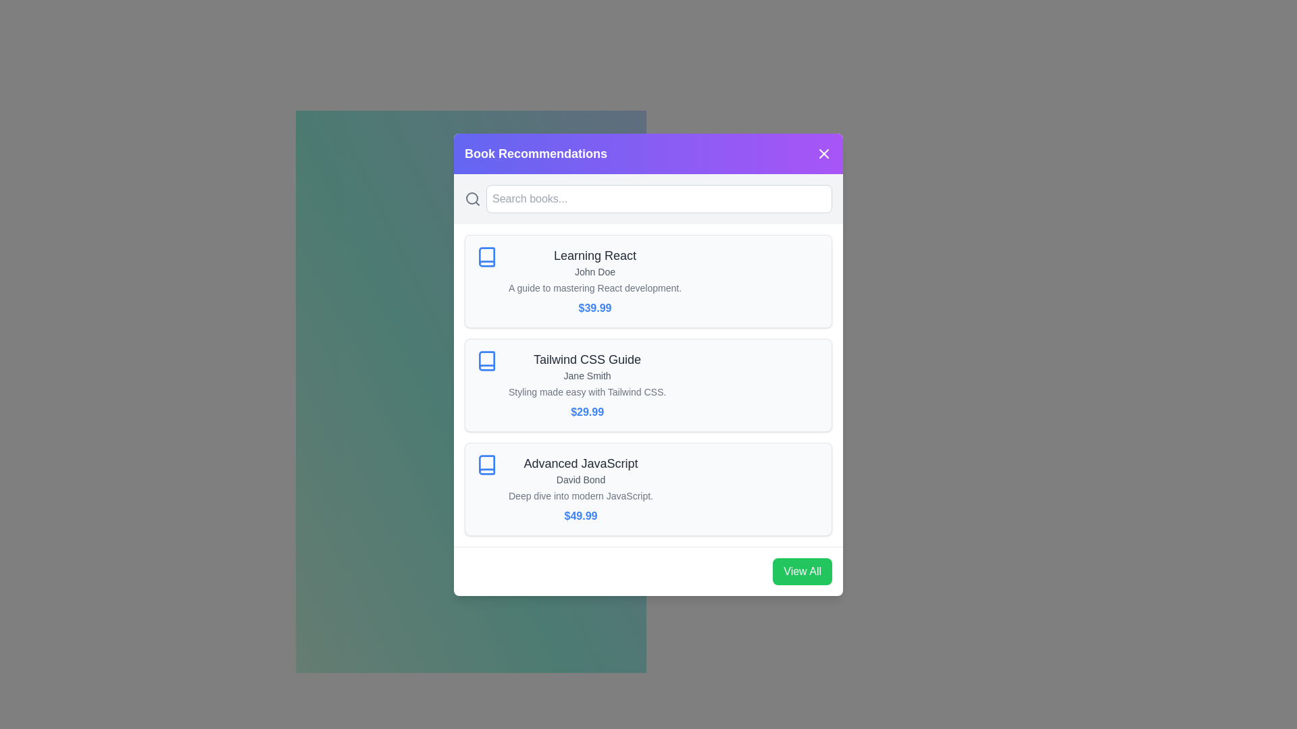  I want to click on the text label that describes the book titled 'Learning React', positioned below the author 'John Doe' and above the price '$39.99', so click(594, 287).